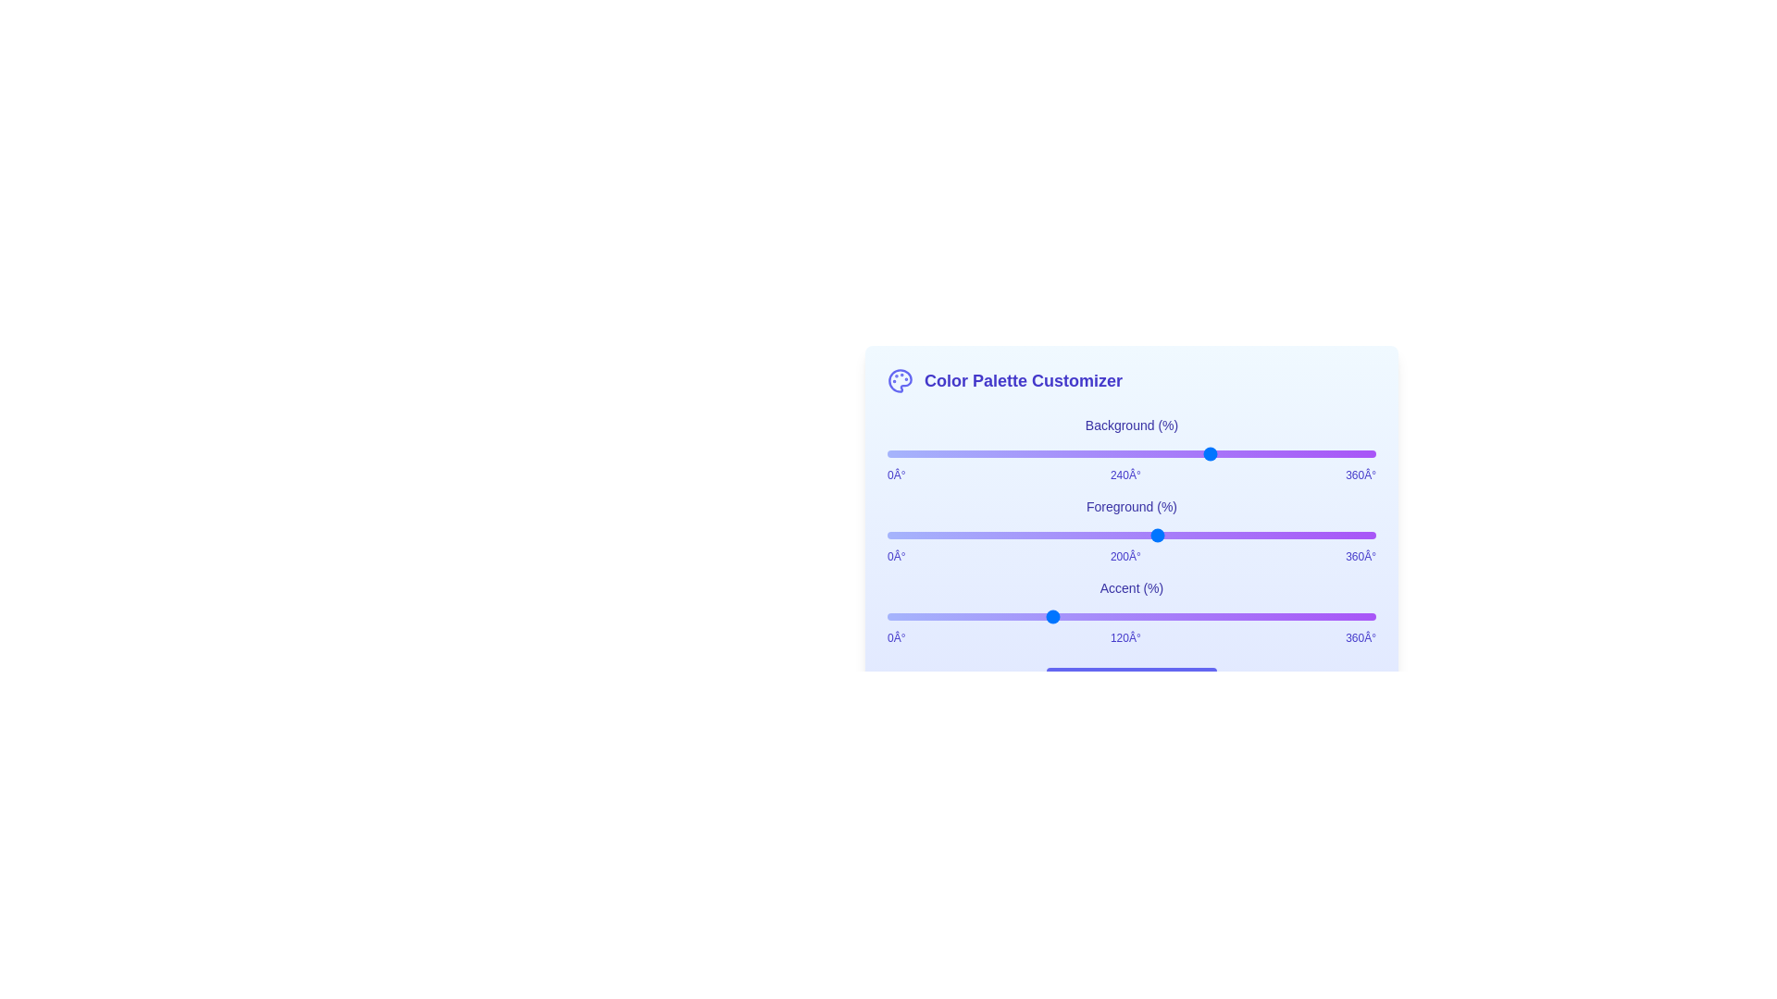 The height and width of the screenshot is (999, 1777). I want to click on the 'Export Palette' button, so click(1131, 686).